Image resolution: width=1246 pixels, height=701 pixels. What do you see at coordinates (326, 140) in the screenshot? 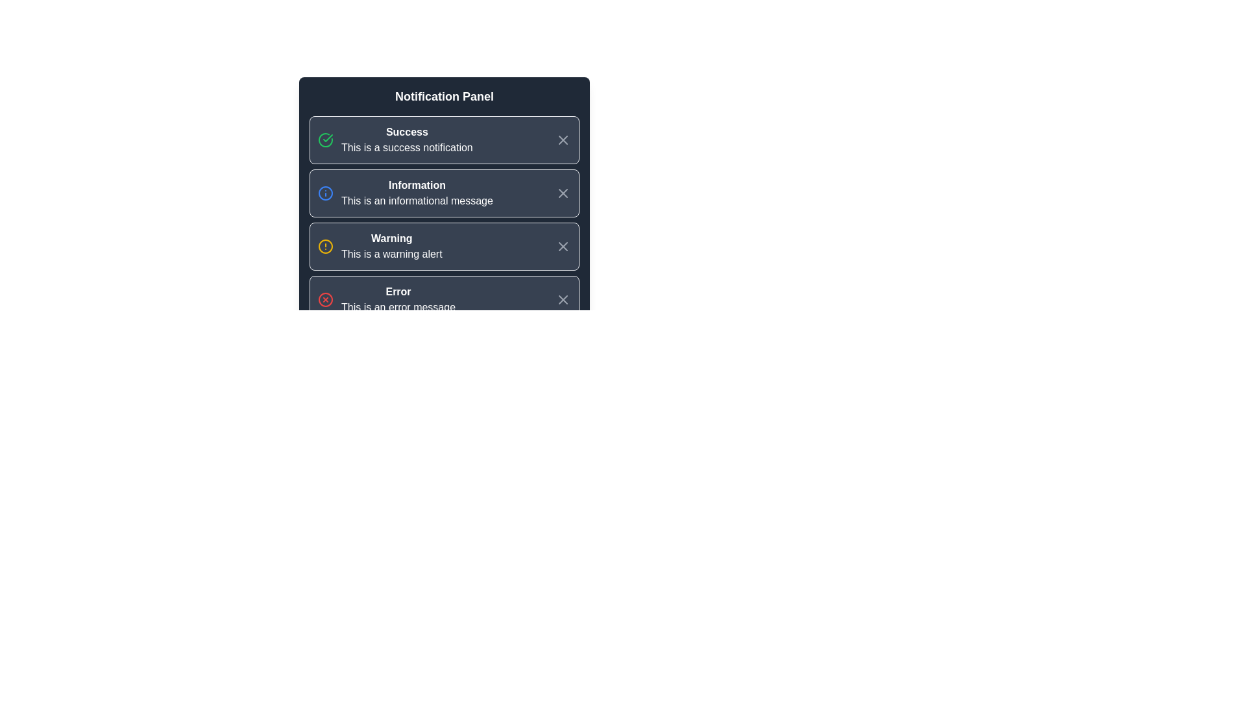
I see `the success icon located to the left of the 'Success' text in the first notification of the vertically stacked list` at bounding box center [326, 140].